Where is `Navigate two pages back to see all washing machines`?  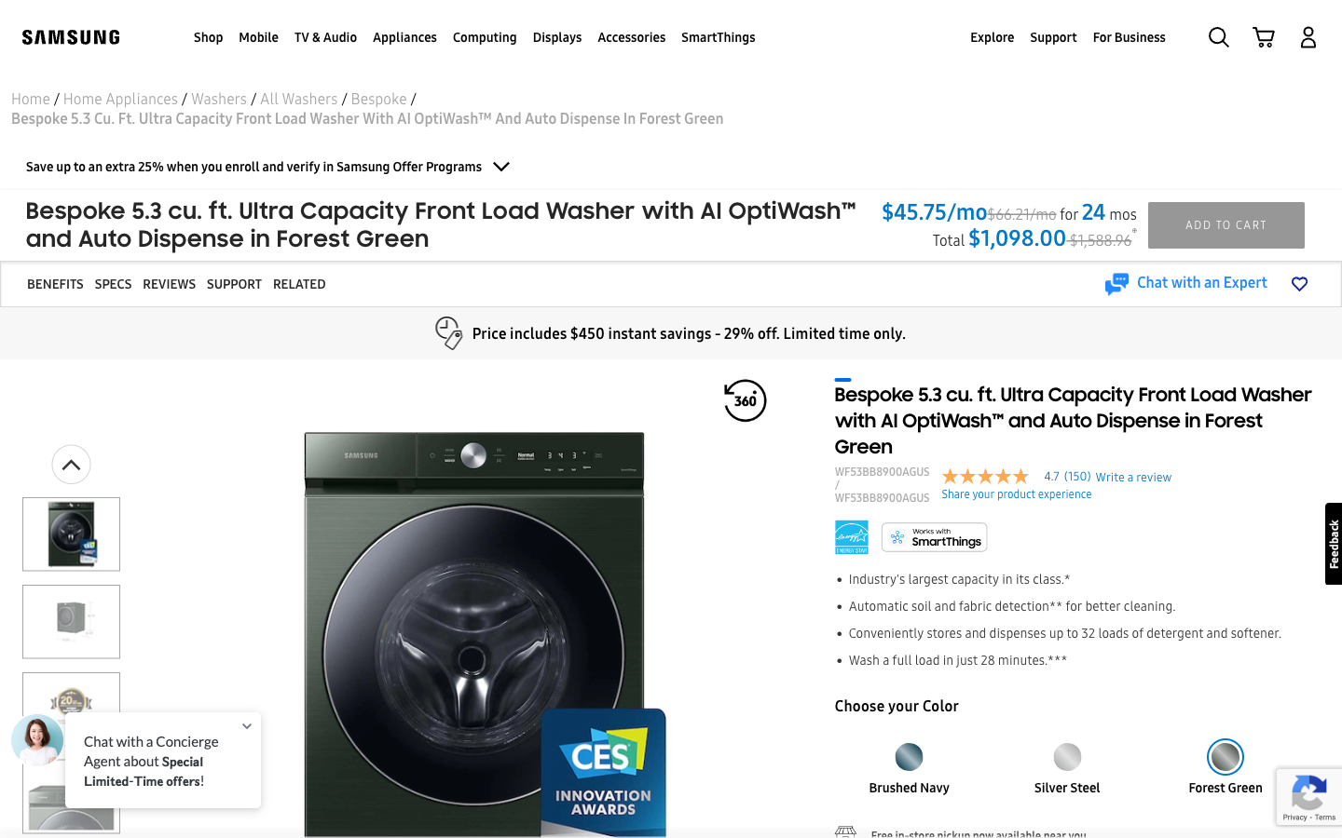
Navigate two pages back to see all washing machines is located at coordinates (219, 98).